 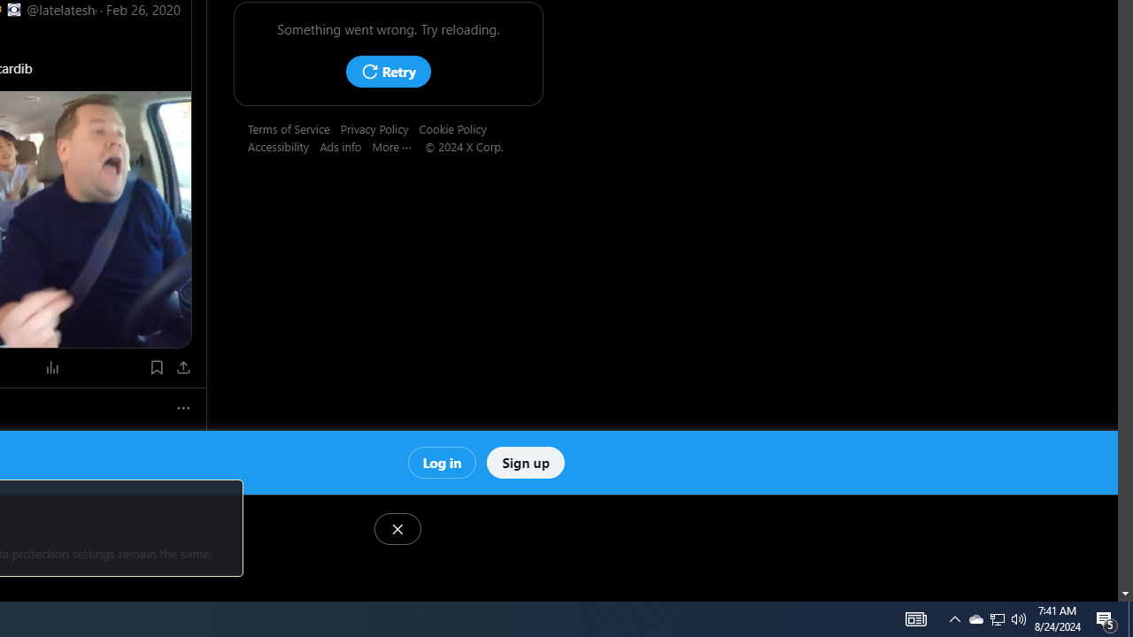 What do you see at coordinates (184, 366) in the screenshot?
I see `'Share post'` at bounding box center [184, 366].